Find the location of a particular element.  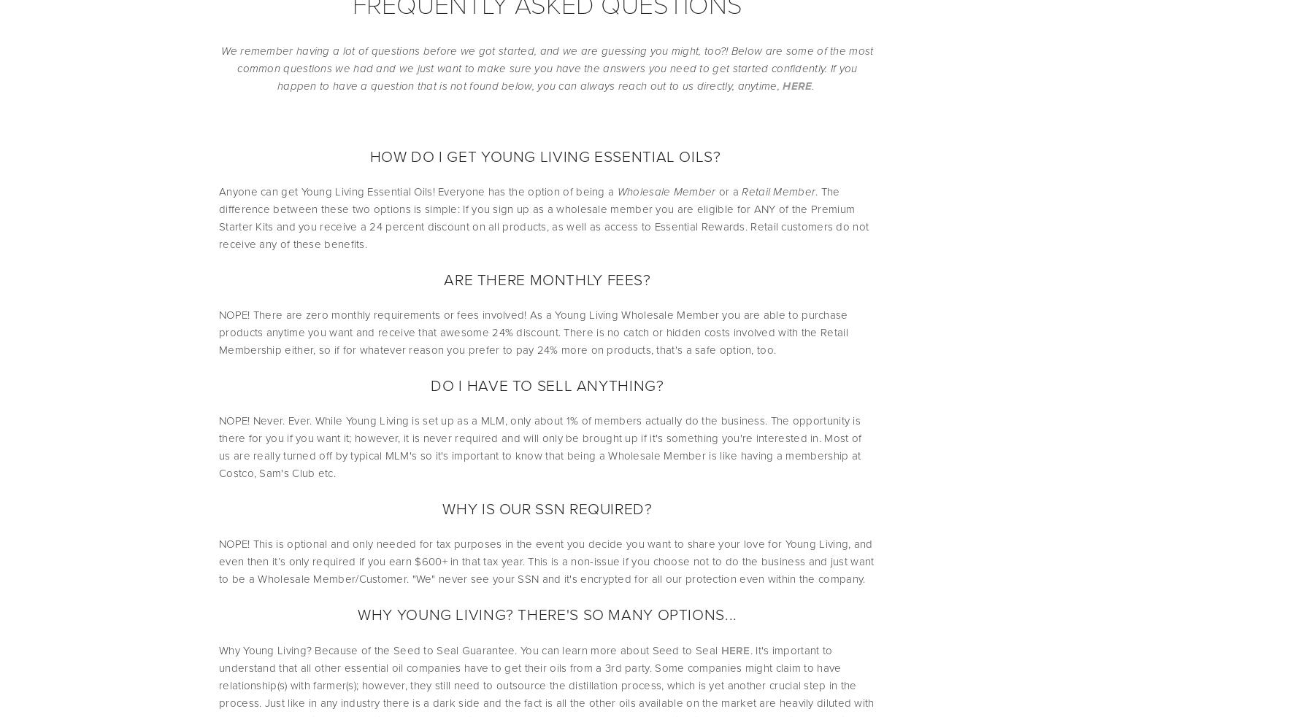

'WHY IS OUR SSN REQUIRED?' is located at coordinates (546, 508).